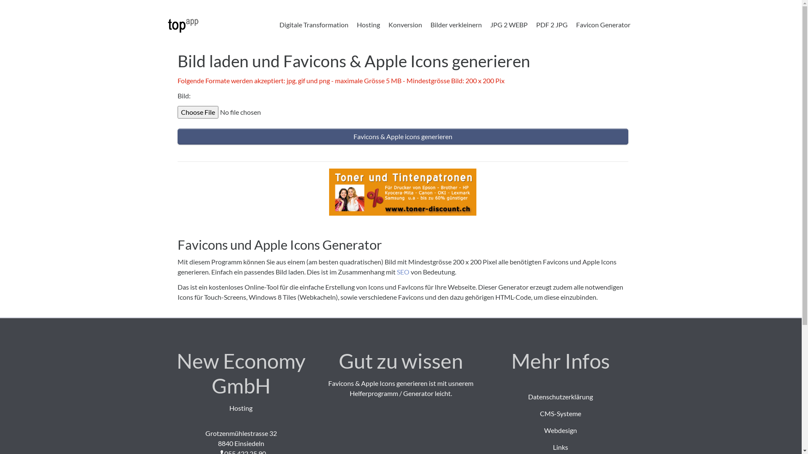 This screenshot has width=808, height=454. I want to click on 'Konversion', so click(404, 24).